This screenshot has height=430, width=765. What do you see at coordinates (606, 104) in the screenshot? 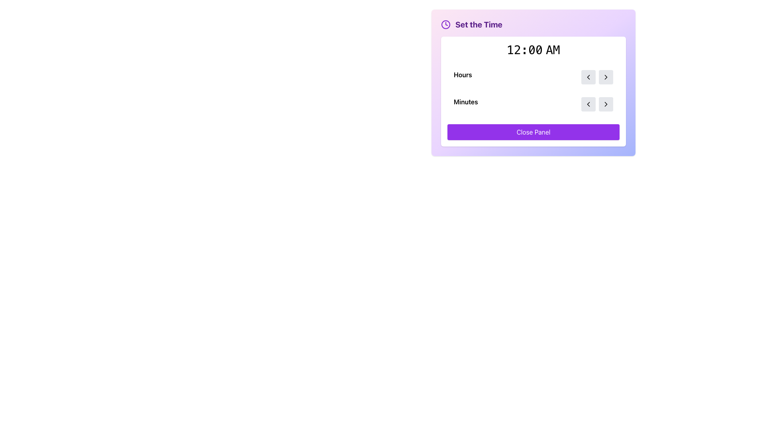
I see `the button with an arrow icon that increases the value of the 'Minutes' field in the time-setting interface` at bounding box center [606, 104].